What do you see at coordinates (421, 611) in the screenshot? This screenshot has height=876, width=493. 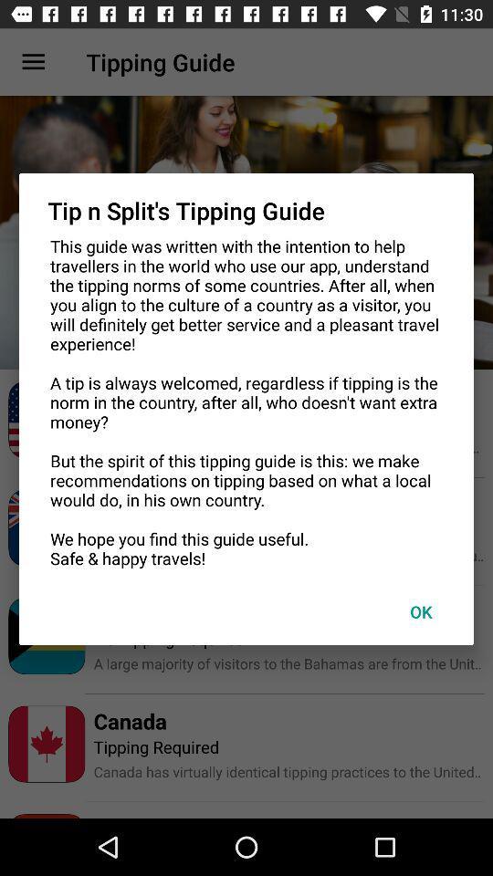 I see `ok at the bottom right corner` at bounding box center [421, 611].